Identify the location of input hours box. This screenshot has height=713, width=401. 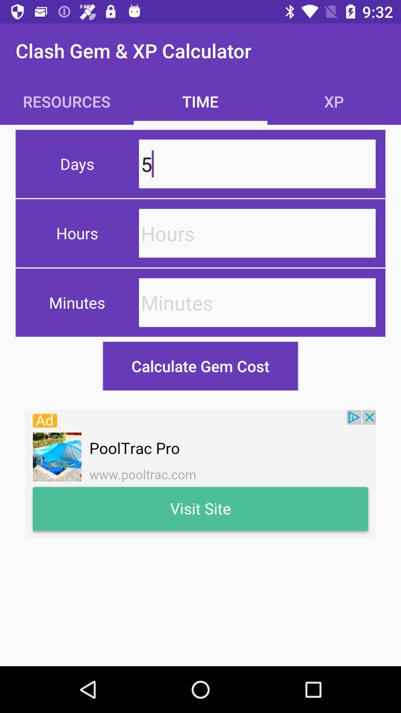
(257, 233).